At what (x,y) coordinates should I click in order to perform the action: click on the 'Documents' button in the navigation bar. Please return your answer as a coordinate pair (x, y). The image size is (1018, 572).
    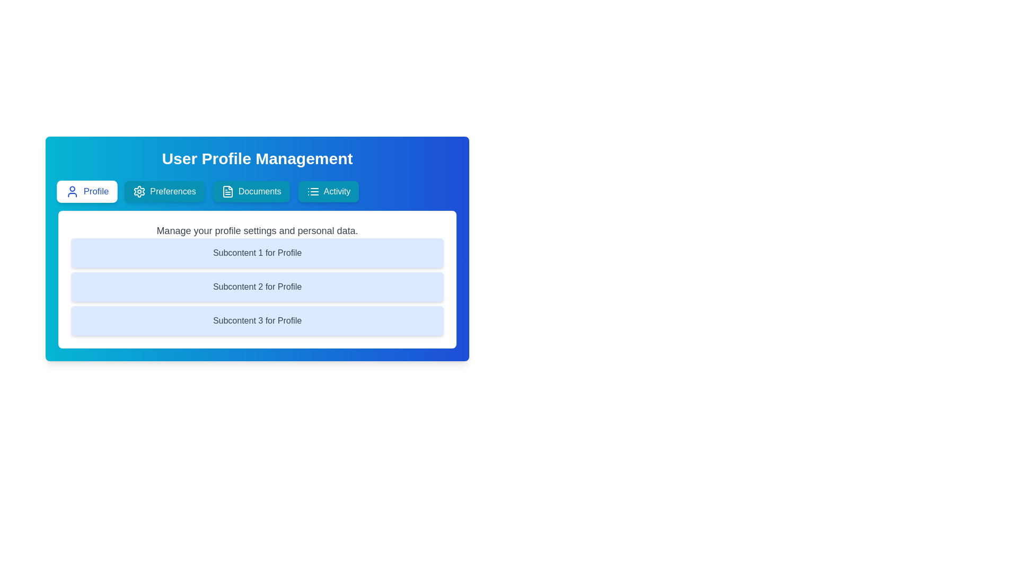
    Looking at the image, I should click on (227, 192).